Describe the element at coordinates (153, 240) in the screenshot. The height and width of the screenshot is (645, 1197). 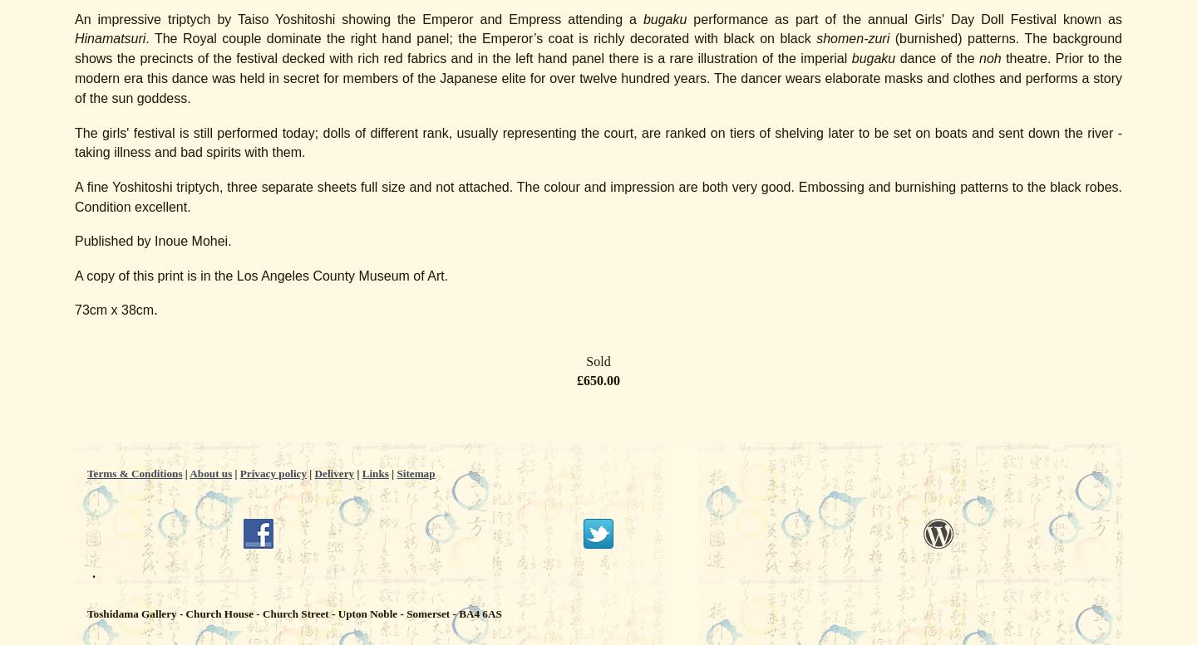
I see `'Published by Inoue Mohei.'` at that location.